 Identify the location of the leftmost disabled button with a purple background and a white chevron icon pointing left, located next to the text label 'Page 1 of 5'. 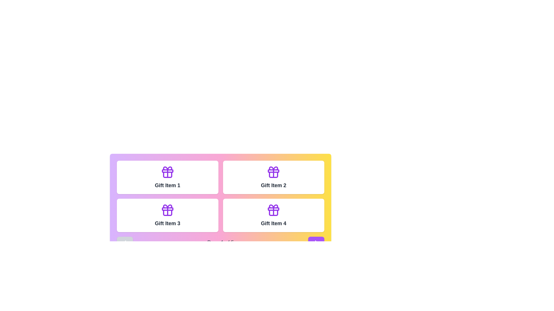
(124, 242).